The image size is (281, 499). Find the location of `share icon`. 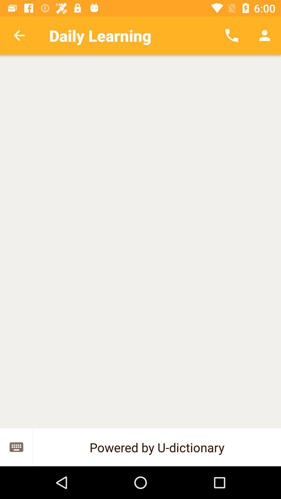

share icon is located at coordinates (16, 447).